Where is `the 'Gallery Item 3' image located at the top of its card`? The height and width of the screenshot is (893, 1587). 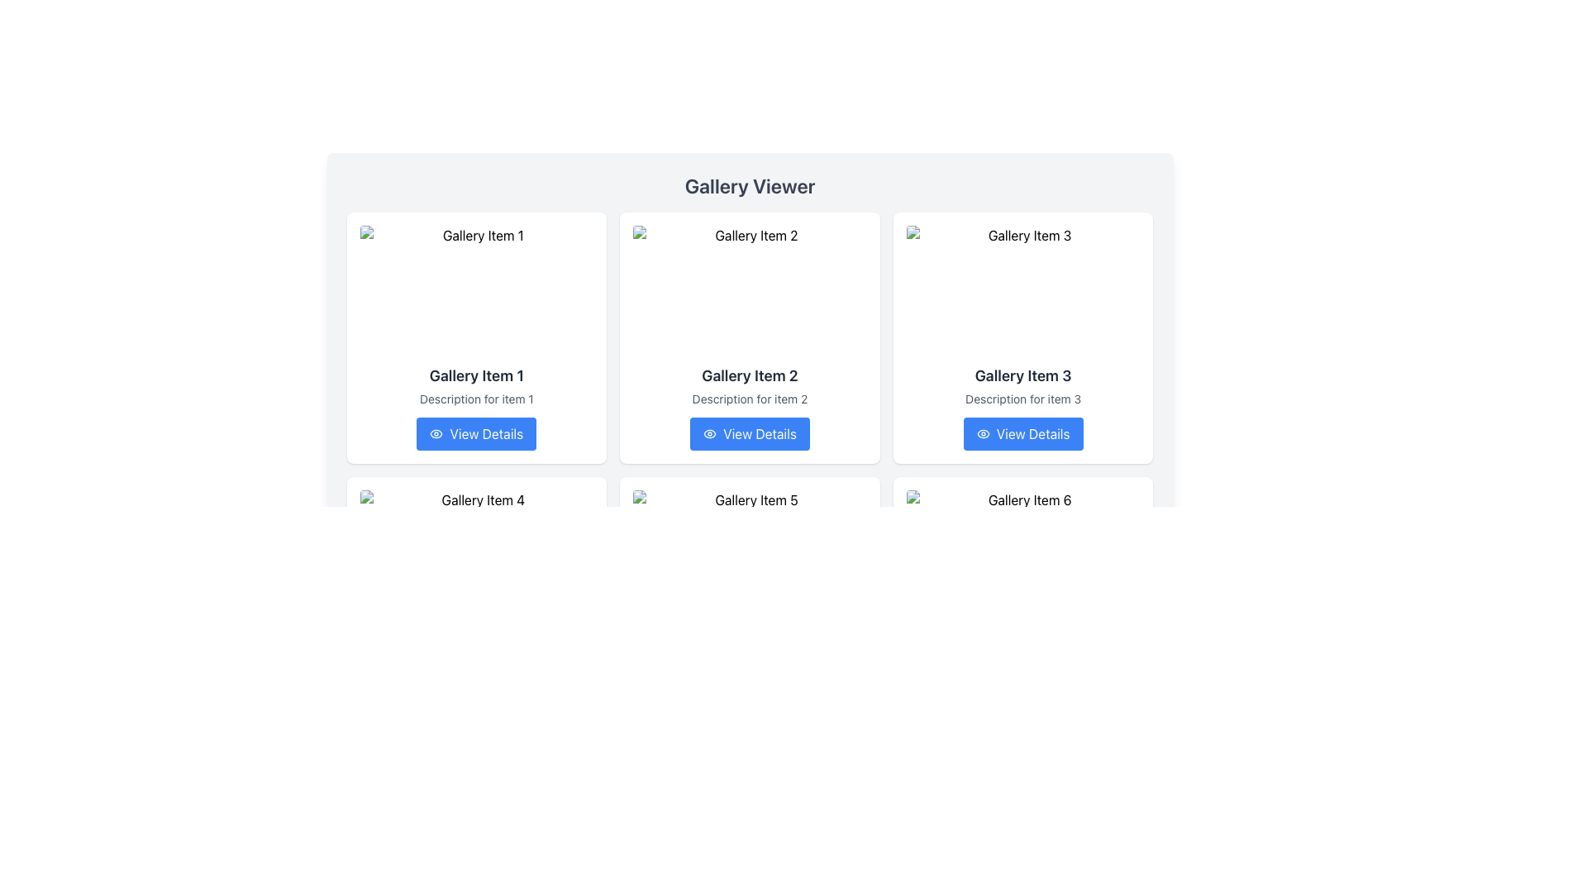 the 'Gallery Item 3' image located at the top of its card is located at coordinates (1022, 291).